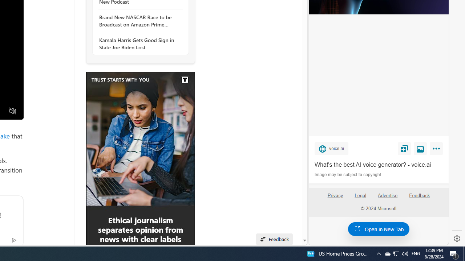 The height and width of the screenshot is (261, 465). Describe the element at coordinates (331, 148) in the screenshot. I see `'voice.ai'` at that location.